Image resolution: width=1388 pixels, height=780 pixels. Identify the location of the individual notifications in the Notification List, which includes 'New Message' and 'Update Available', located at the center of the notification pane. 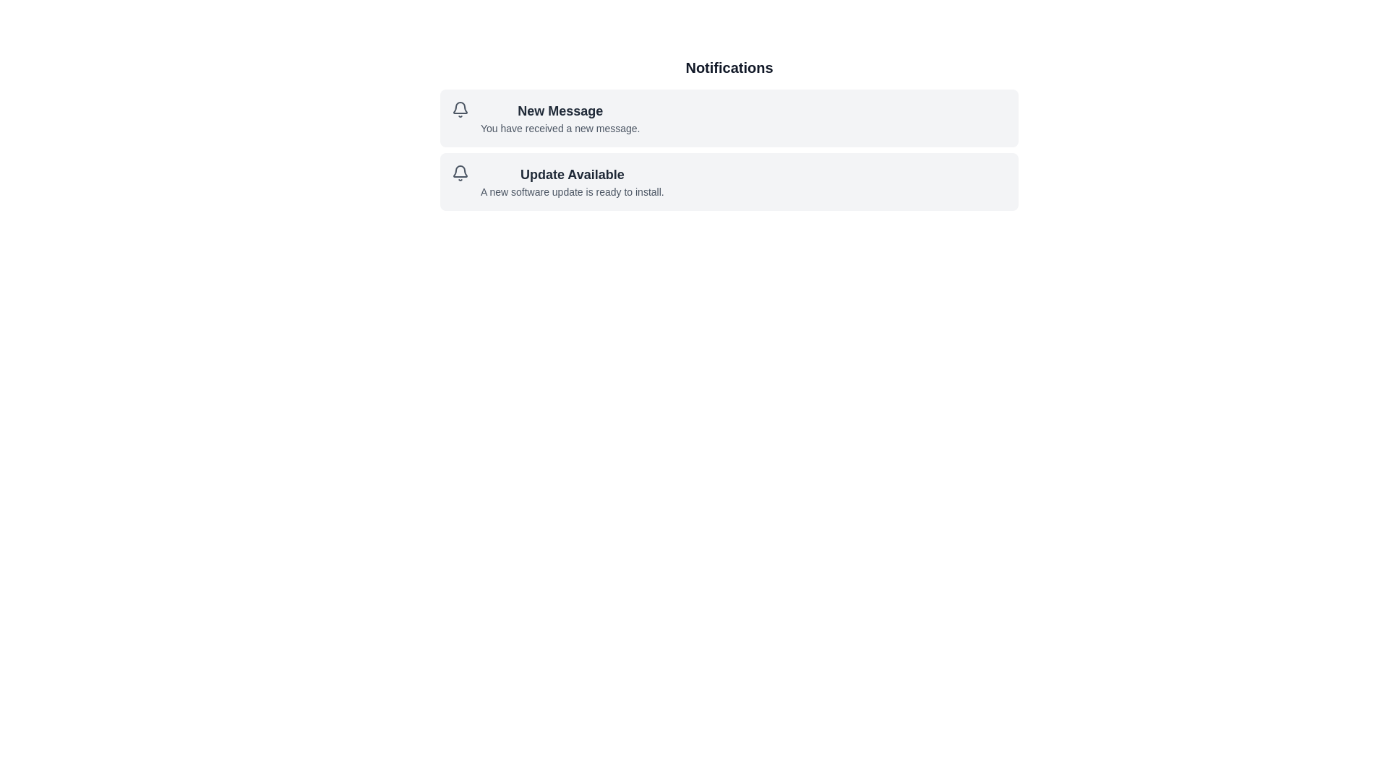
(729, 134).